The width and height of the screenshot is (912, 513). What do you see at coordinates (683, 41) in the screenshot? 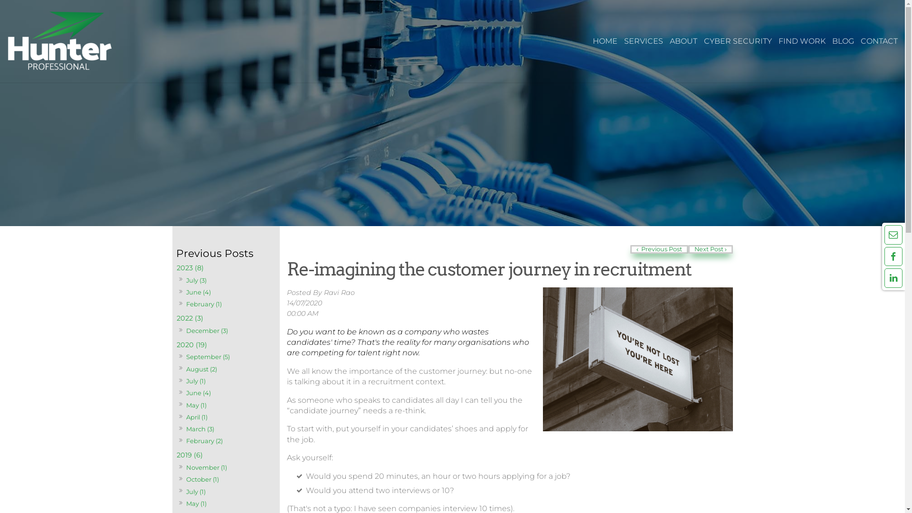
I see `'ABOUT'` at bounding box center [683, 41].